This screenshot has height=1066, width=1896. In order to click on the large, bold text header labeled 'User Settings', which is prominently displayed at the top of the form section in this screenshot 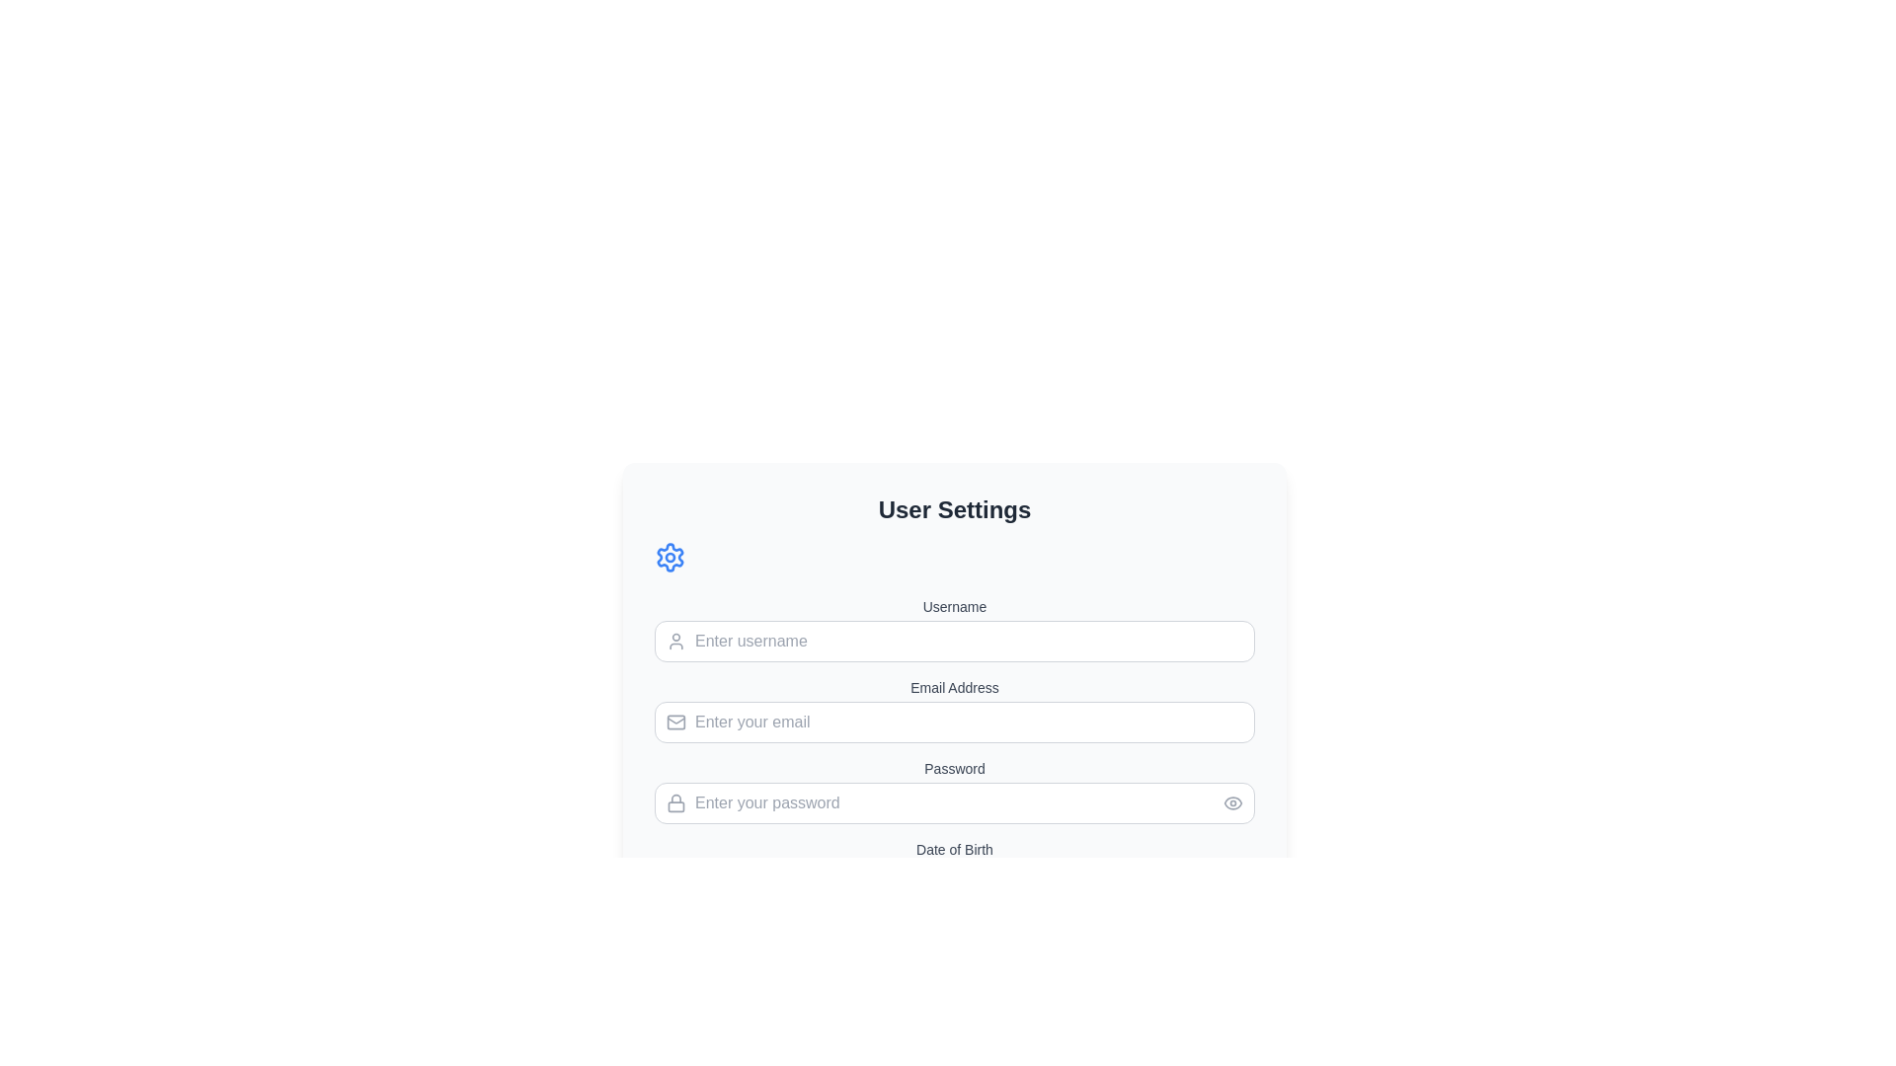, I will do `click(954, 508)`.